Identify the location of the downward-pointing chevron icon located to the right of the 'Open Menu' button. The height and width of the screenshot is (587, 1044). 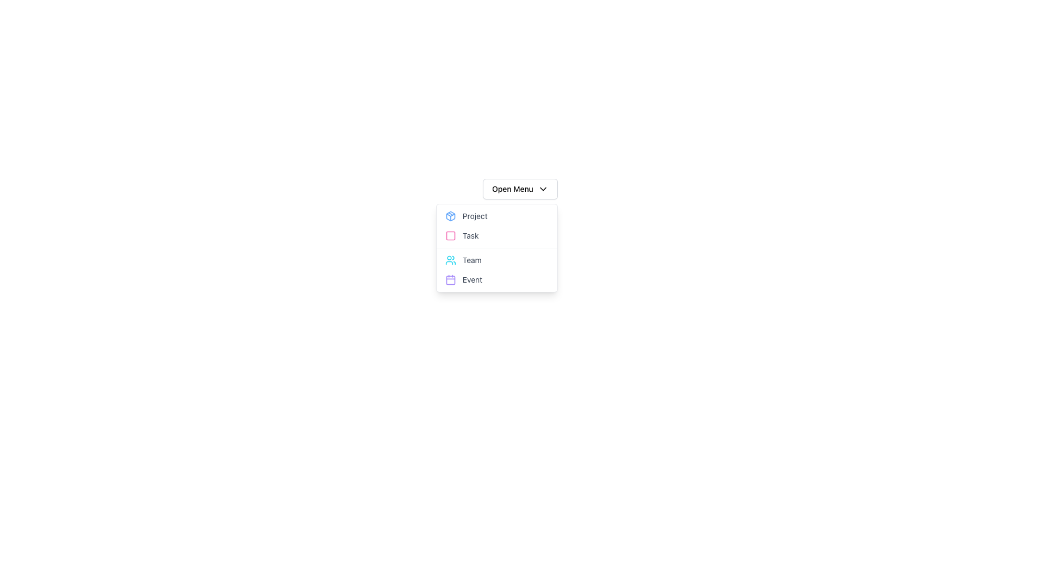
(543, 188).